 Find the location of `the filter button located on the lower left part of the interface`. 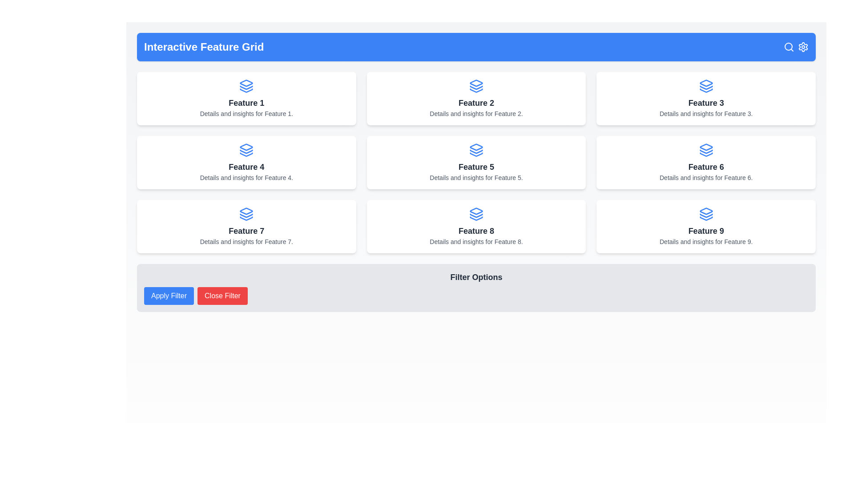

the filter button located on the lower left part of the interface is located at coordinates (169, 296).